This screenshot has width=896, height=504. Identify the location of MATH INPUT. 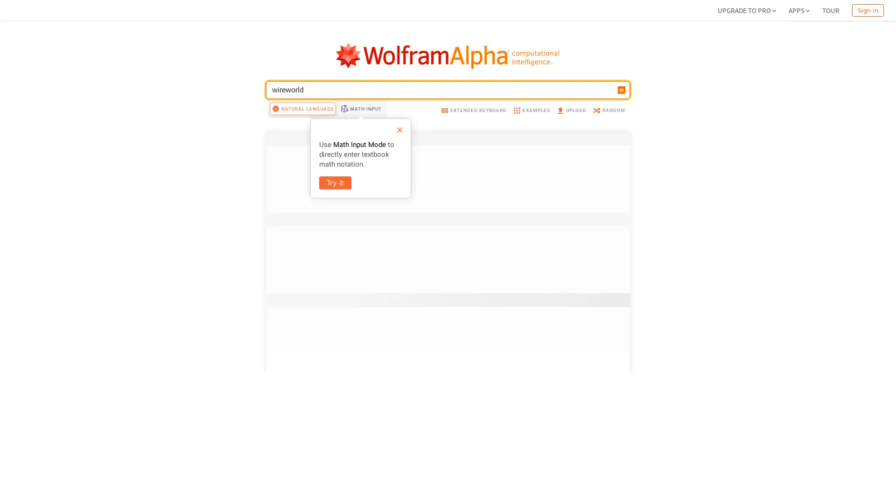
(360, 188).